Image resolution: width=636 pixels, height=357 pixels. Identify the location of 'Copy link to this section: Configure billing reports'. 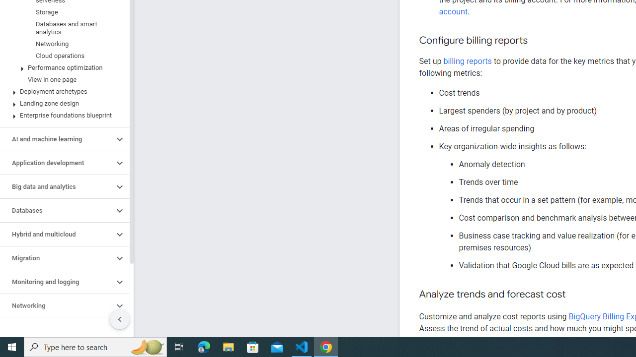
(537, 40).